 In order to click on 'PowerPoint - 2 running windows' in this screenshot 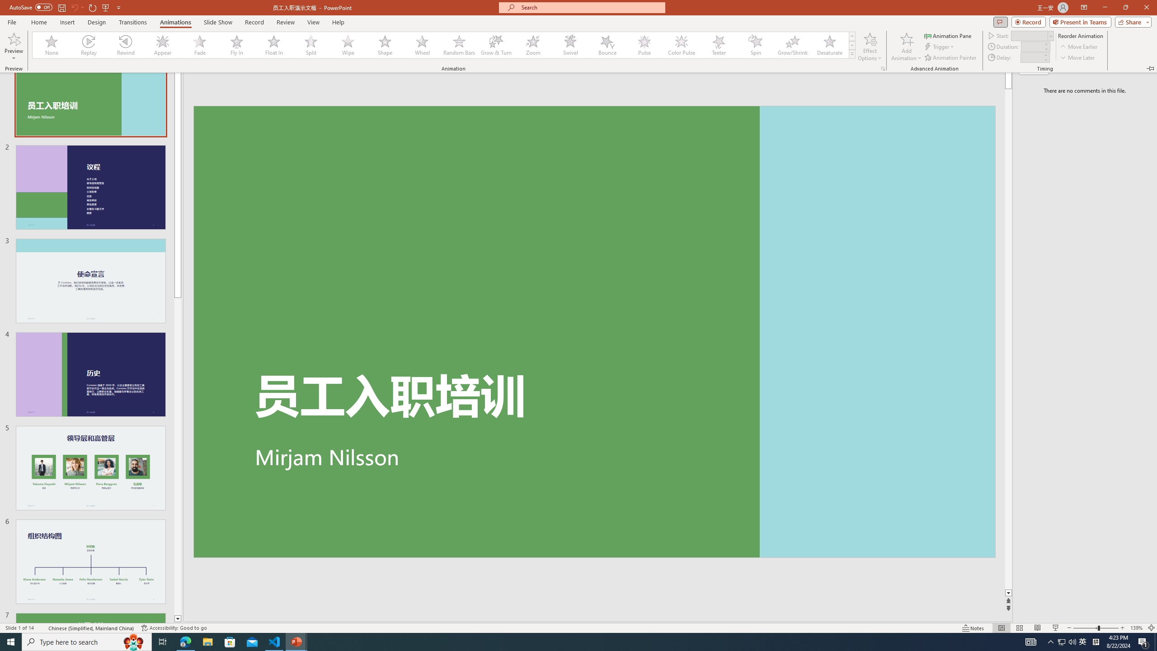, I will do `click(296, 641)`.